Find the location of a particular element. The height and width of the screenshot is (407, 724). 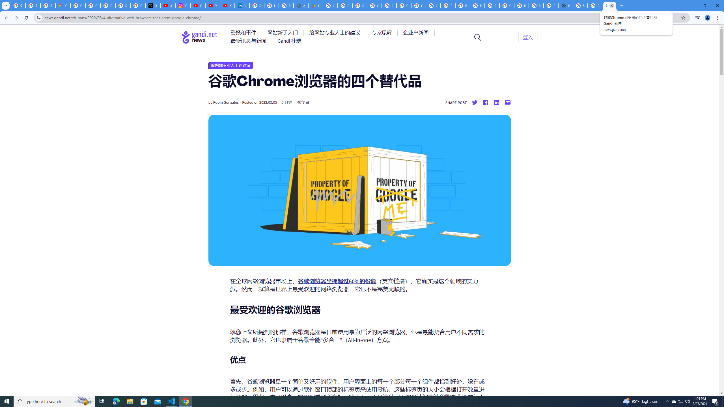

'#nbabasketballhighlights - YouTube' is located at coordinates (167, 5).